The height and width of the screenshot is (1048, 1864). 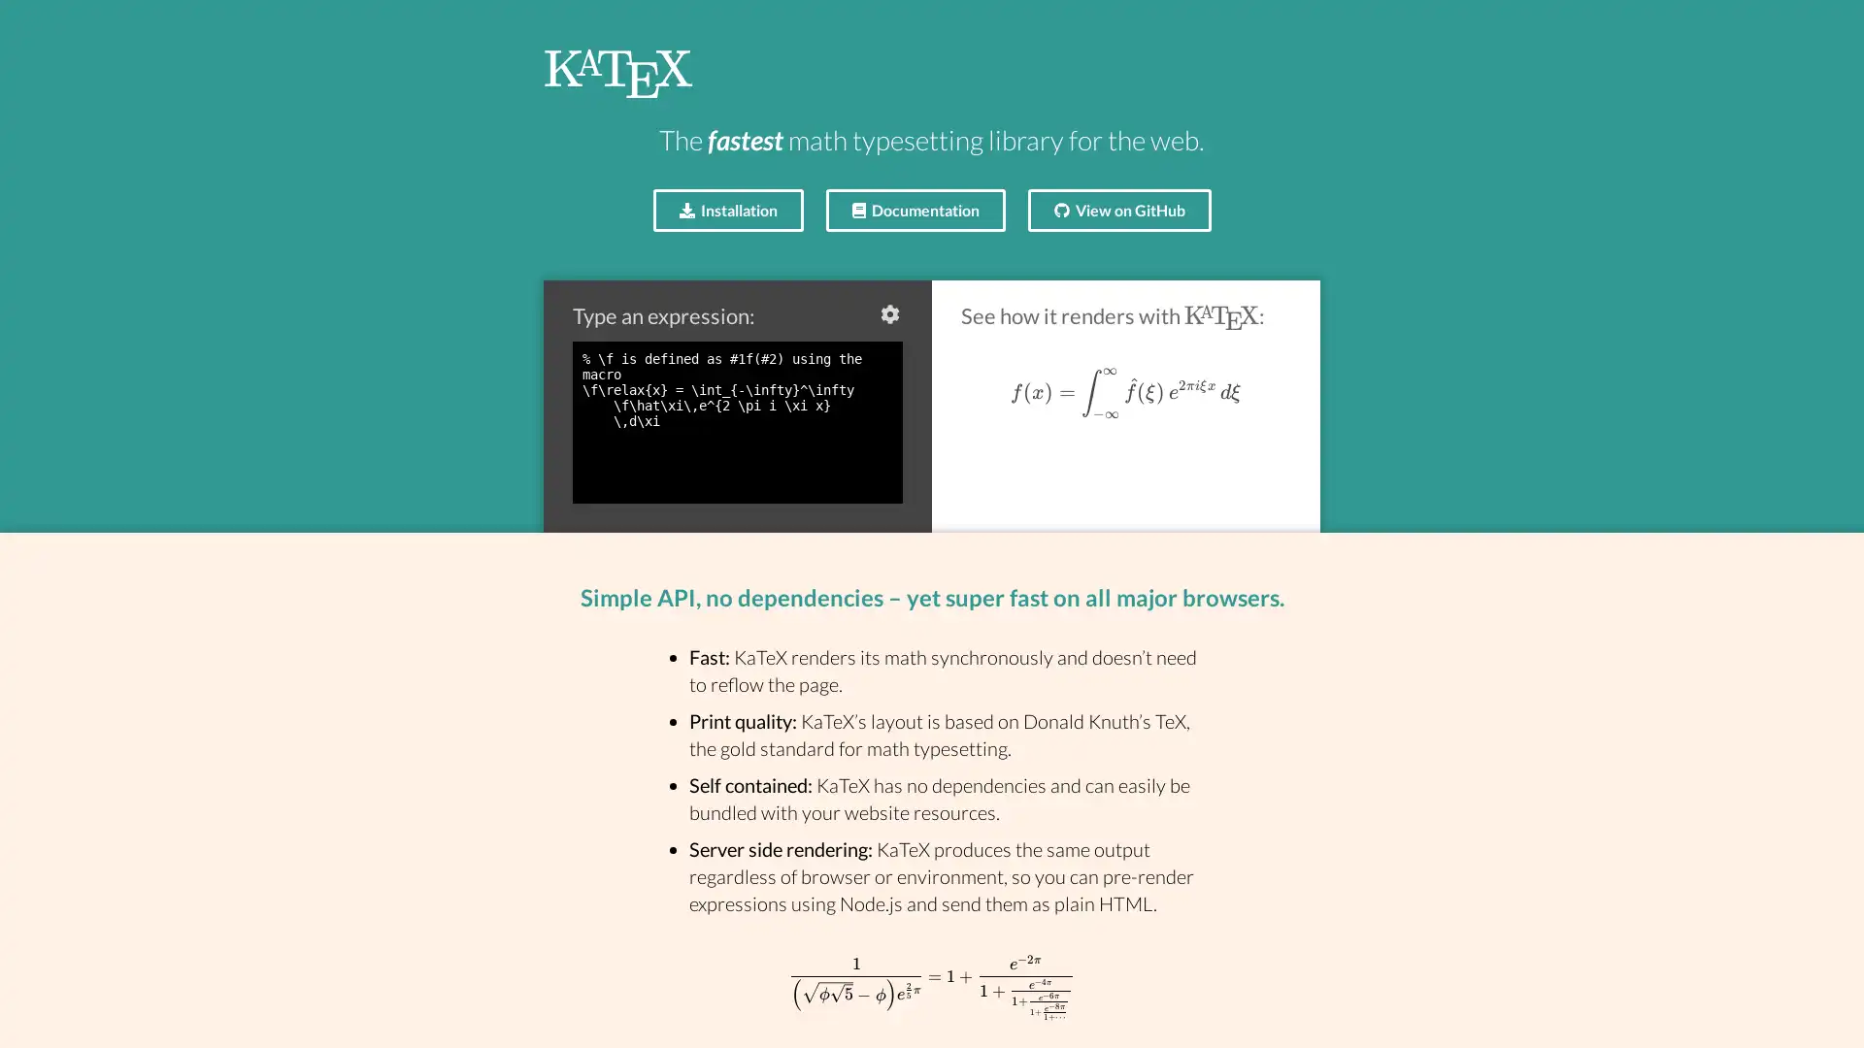 I want to click on View on GitHub, so click(x=1118, y=210).